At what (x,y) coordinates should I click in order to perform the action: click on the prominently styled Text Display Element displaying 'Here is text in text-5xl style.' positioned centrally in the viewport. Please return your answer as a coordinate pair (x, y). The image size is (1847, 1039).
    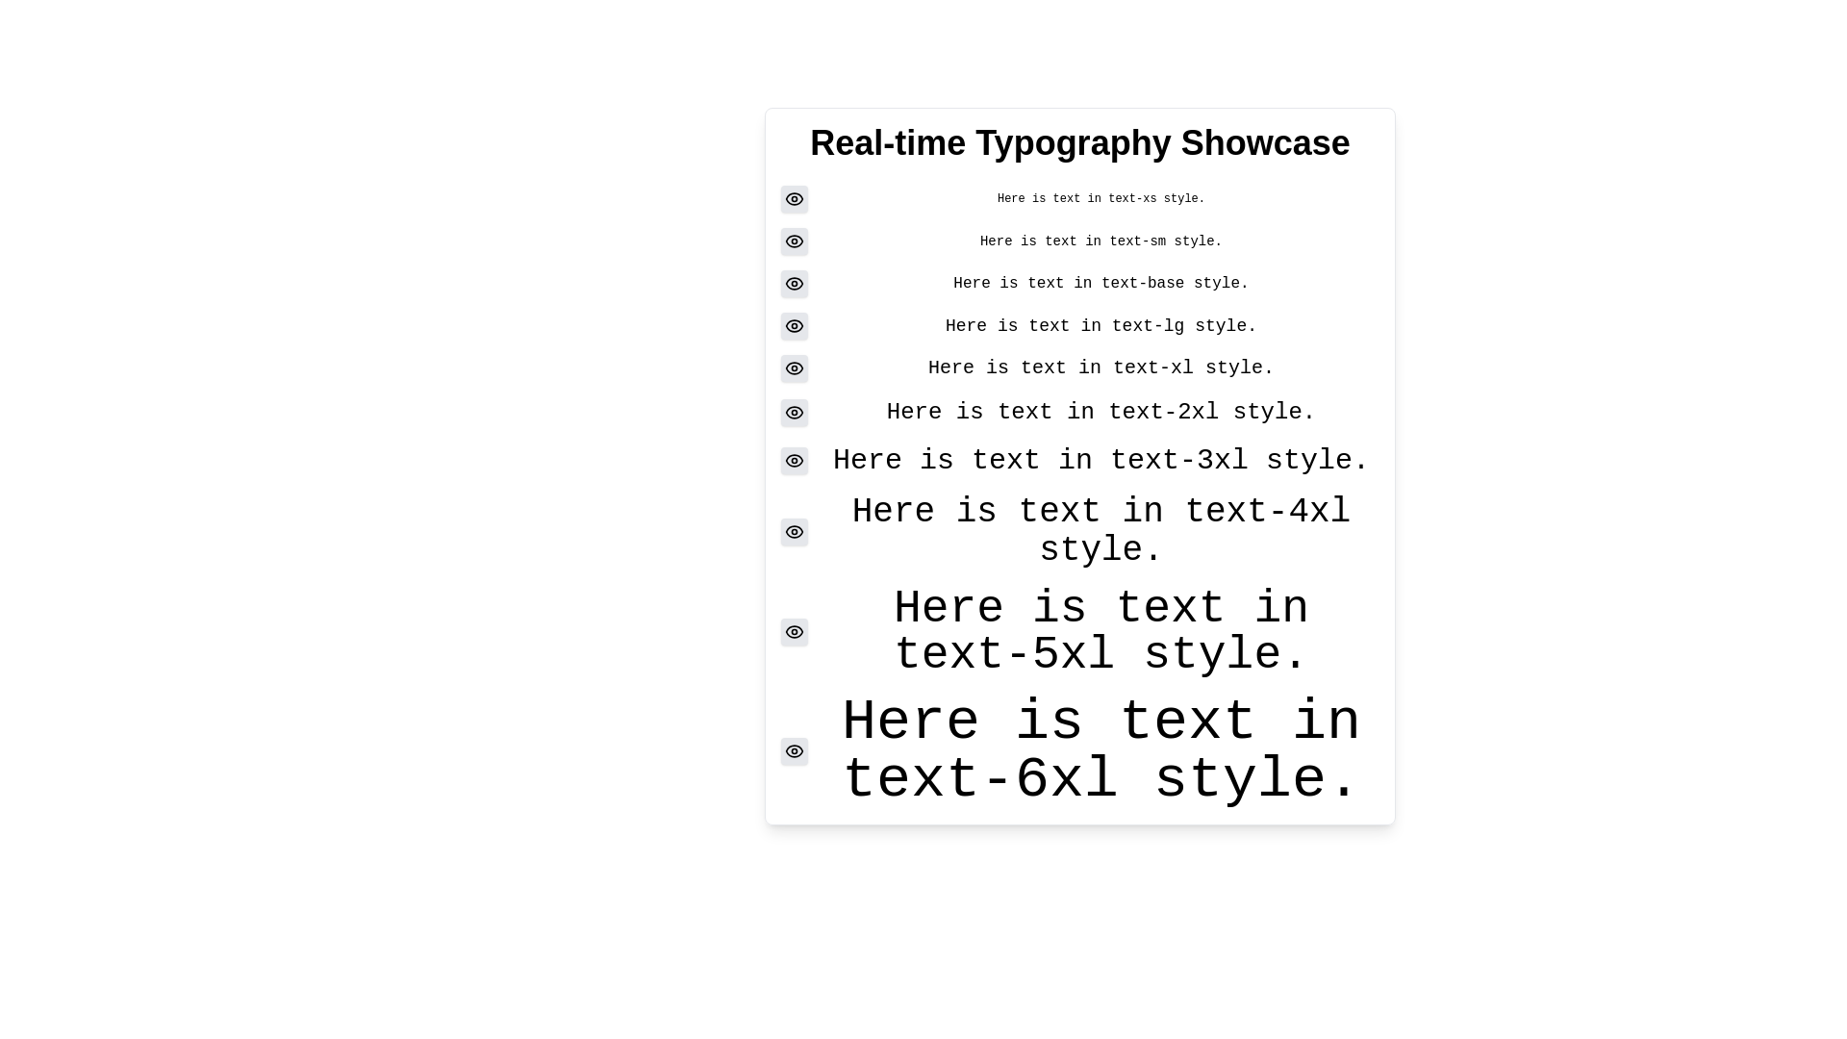
    Looking at the image, I should click on (1101, 631).